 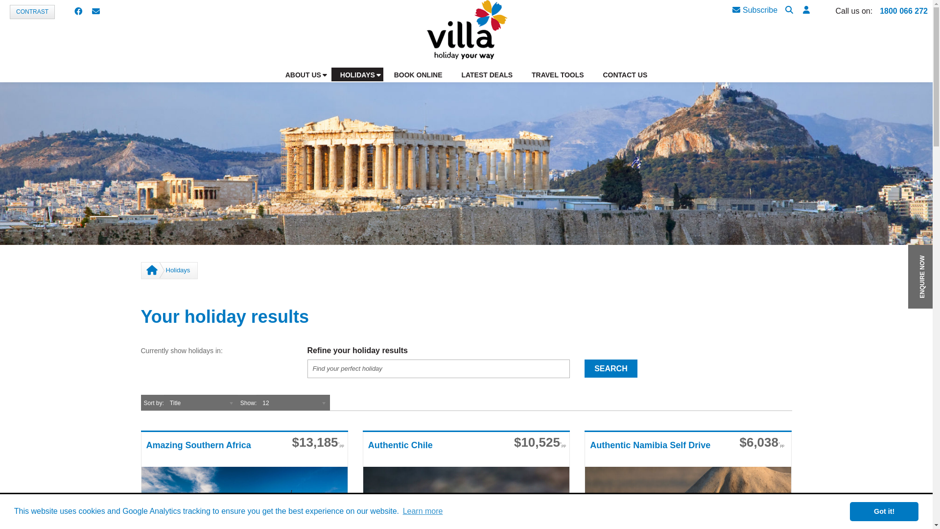 What do you see at coordinates (200, 402) in the screenshot?
I see `'Title'` at bounding box center [200, 402].